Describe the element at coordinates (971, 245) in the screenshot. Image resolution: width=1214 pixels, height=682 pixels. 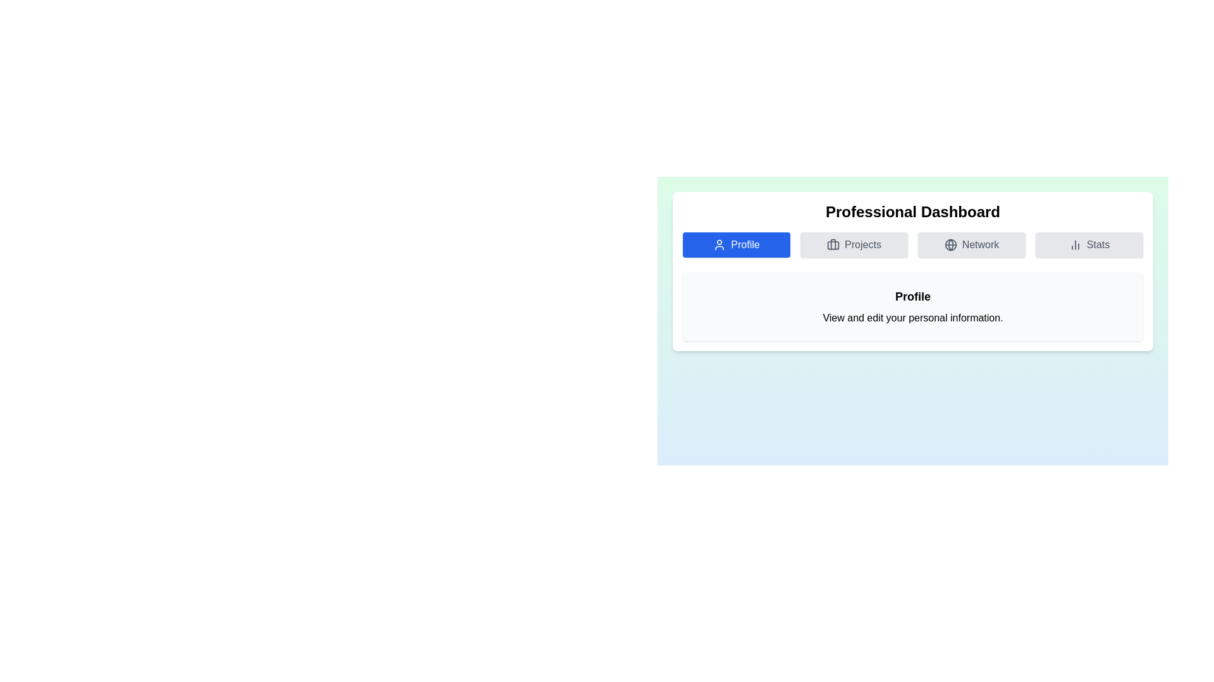
I see `the tab labeled Network` at that location.